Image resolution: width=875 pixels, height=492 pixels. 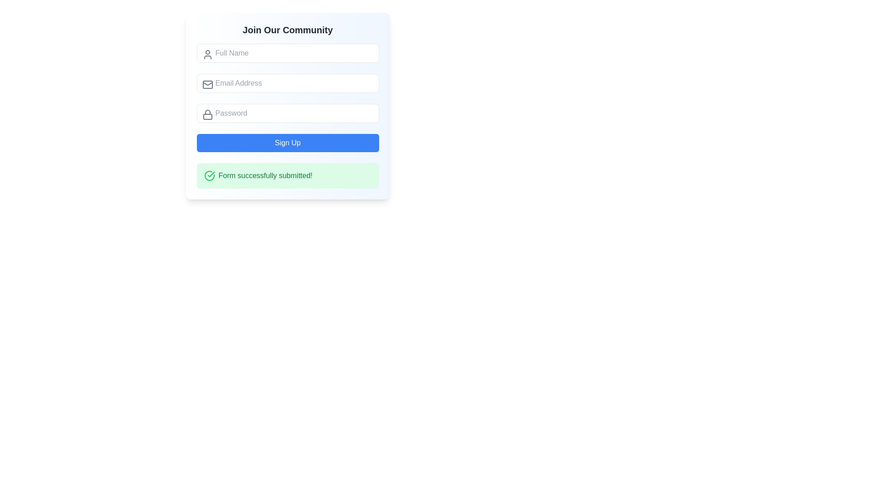 I want to click on the decorative icon for the 'Full Name' input field, which is located on the far left side of the field, so click(x=207, y=54).